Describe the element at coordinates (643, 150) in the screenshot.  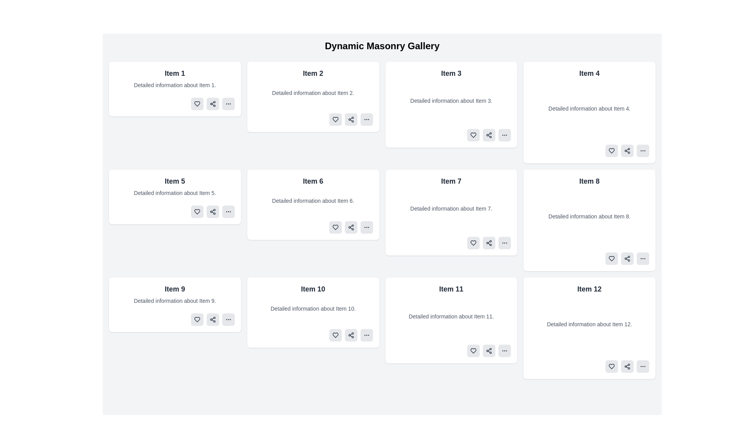
I see `the circular button with a gray background and three dot icons located at the far-right of the action button group under the 'Item 4' card` at that location.